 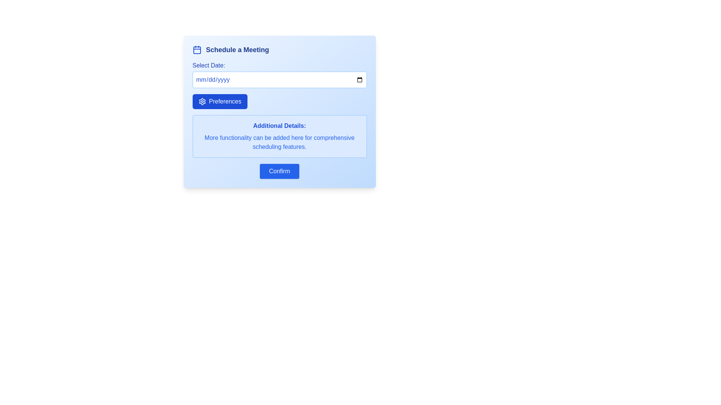 What do you see at coordinates (209, 65) in the screenshot?
I see `the text label 'Select Date:' styled in blue, located at the top-left corner of the date selection section, directly above the date input field` at bounding box center [209, 65].